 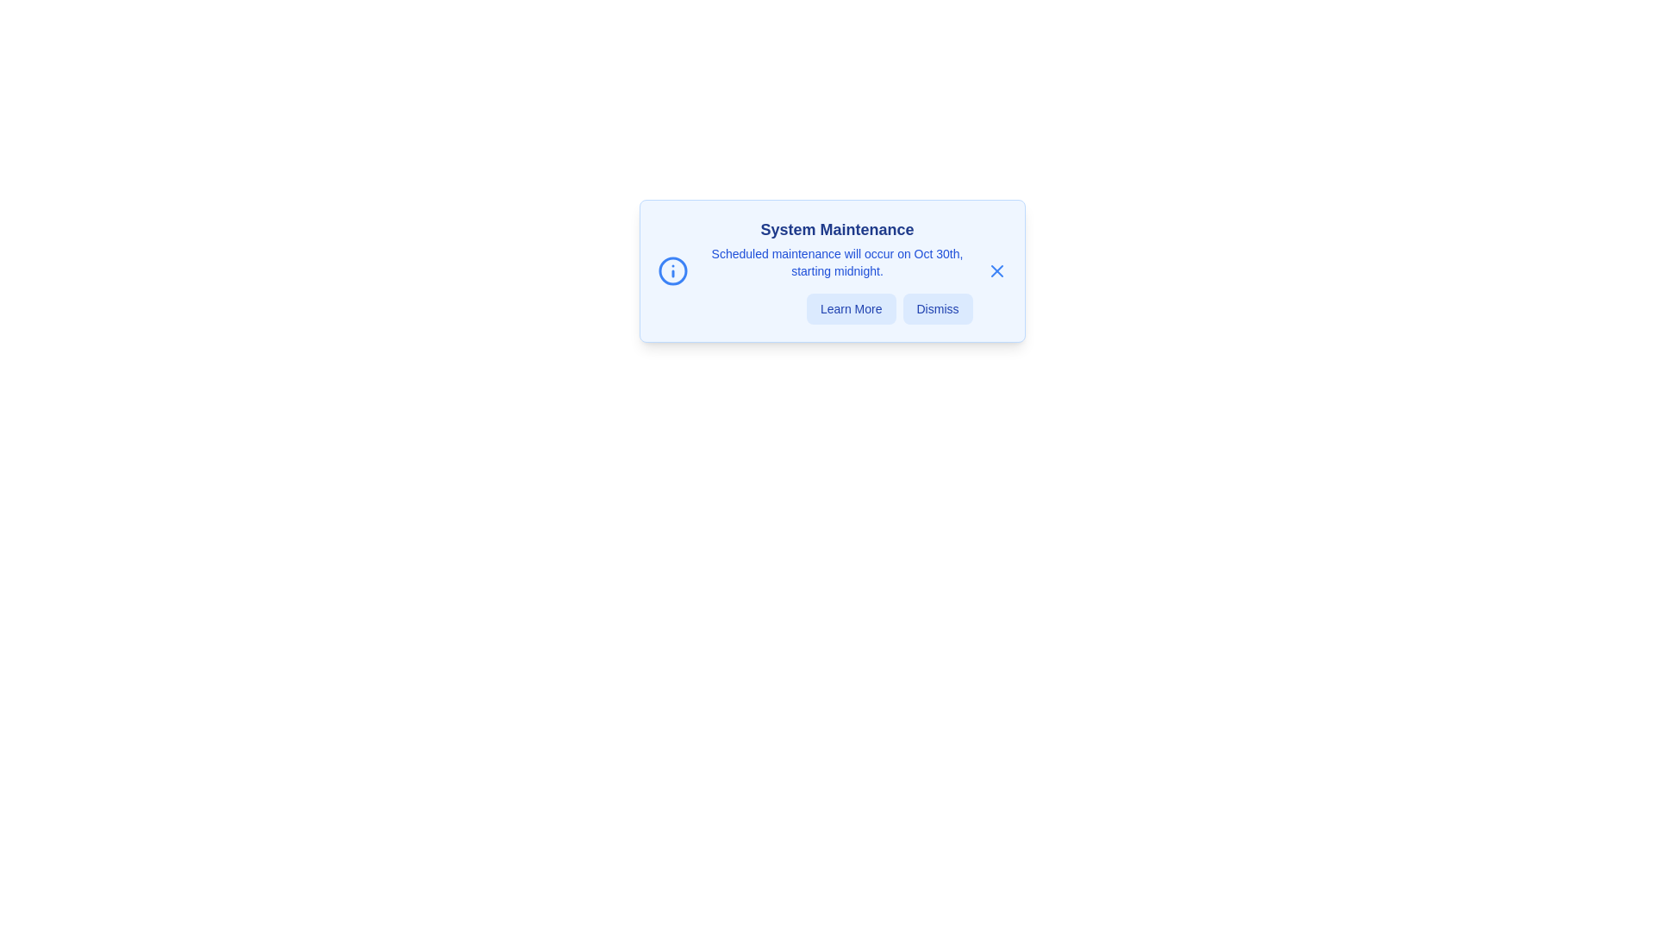 What do you see at coordinates (937, 307) in the screenshot?
I see `the 'Dismiss' button, which is a rectangular button with blue text on a light blue background located at the bottom-right corner of the 'System Maintenance' card` at bounding box center [937, 307].